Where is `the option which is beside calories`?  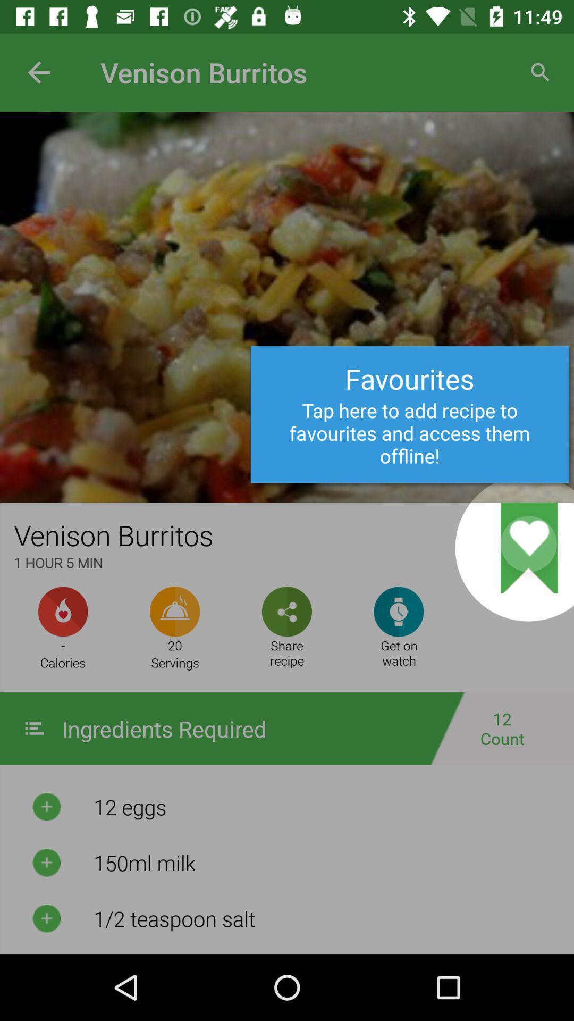
the option which is beside calories is located at coordinates (174, 612).